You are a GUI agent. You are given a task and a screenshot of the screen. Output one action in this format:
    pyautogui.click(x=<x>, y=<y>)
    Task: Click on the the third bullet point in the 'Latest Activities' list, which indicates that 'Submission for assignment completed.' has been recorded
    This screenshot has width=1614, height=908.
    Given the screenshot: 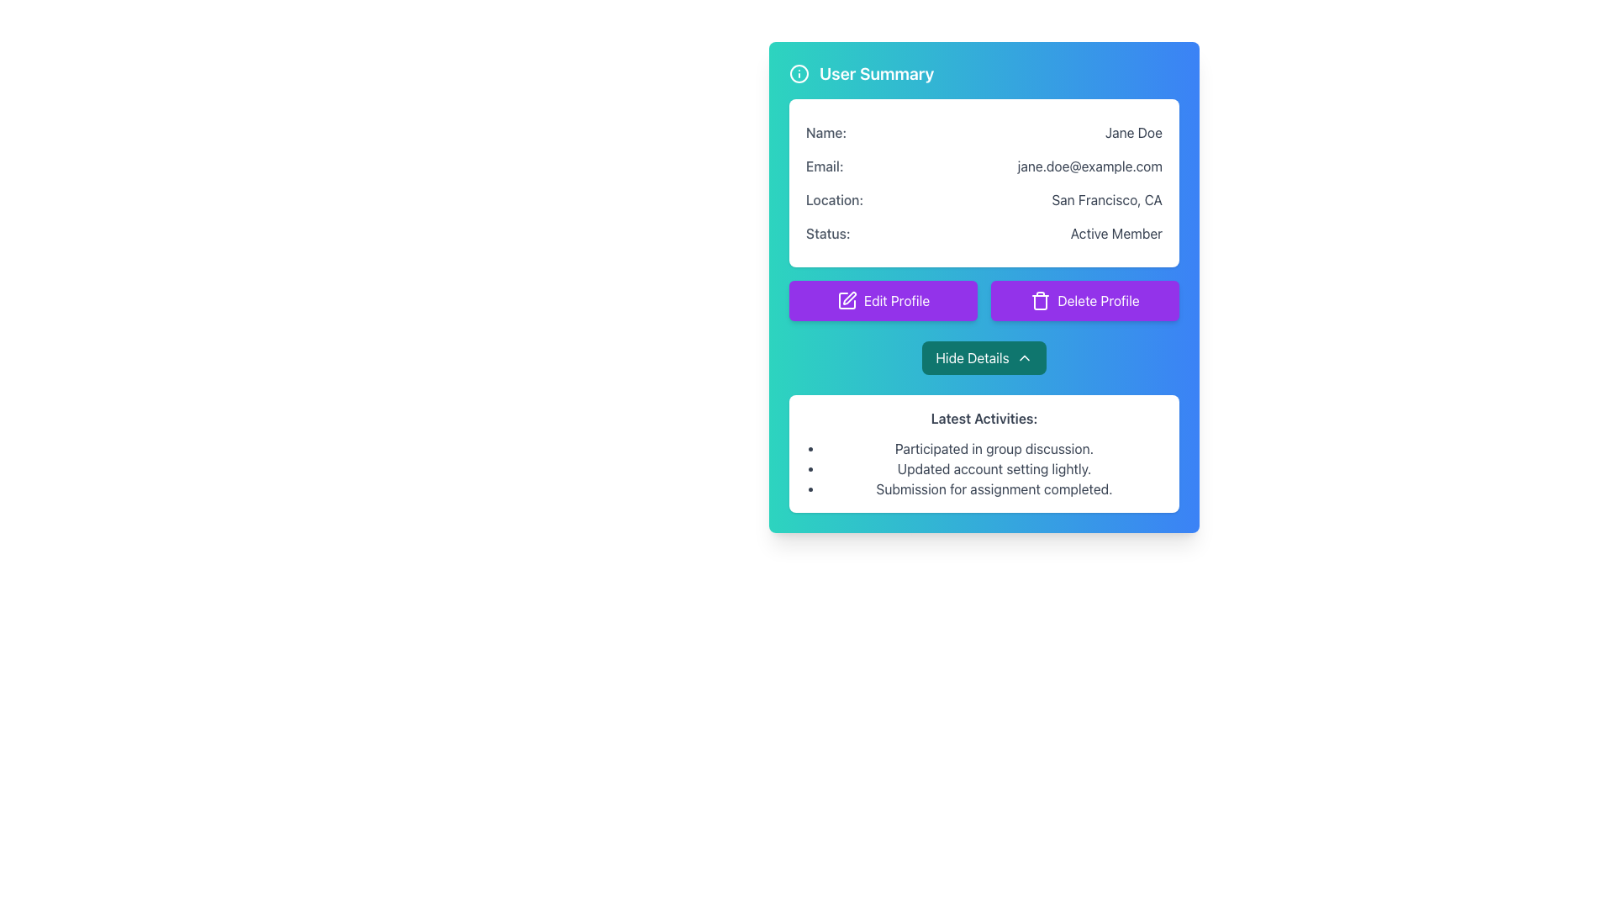 What is the action you would take?
    pyautogui.click(x=994, y=489)
    